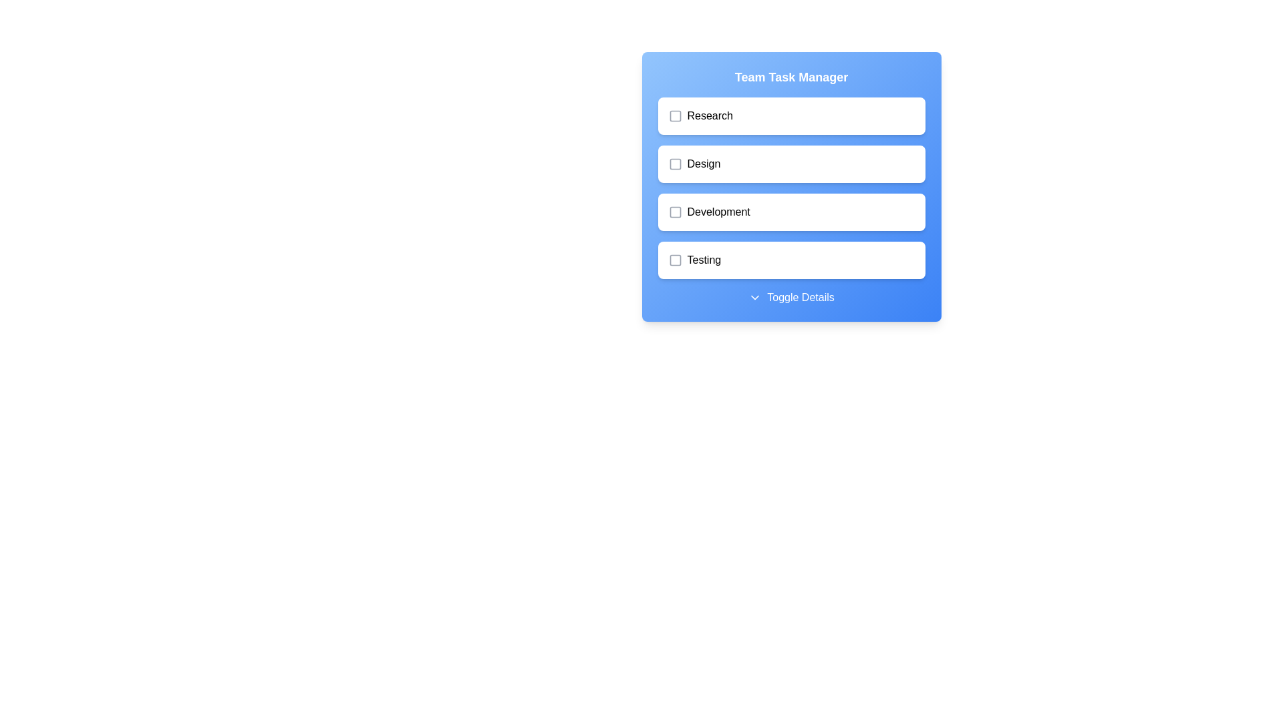 The height and width of the screenshot is (721, 1283). I want to click on the title of the component, 'Team Task Manager', so click(791, 77).